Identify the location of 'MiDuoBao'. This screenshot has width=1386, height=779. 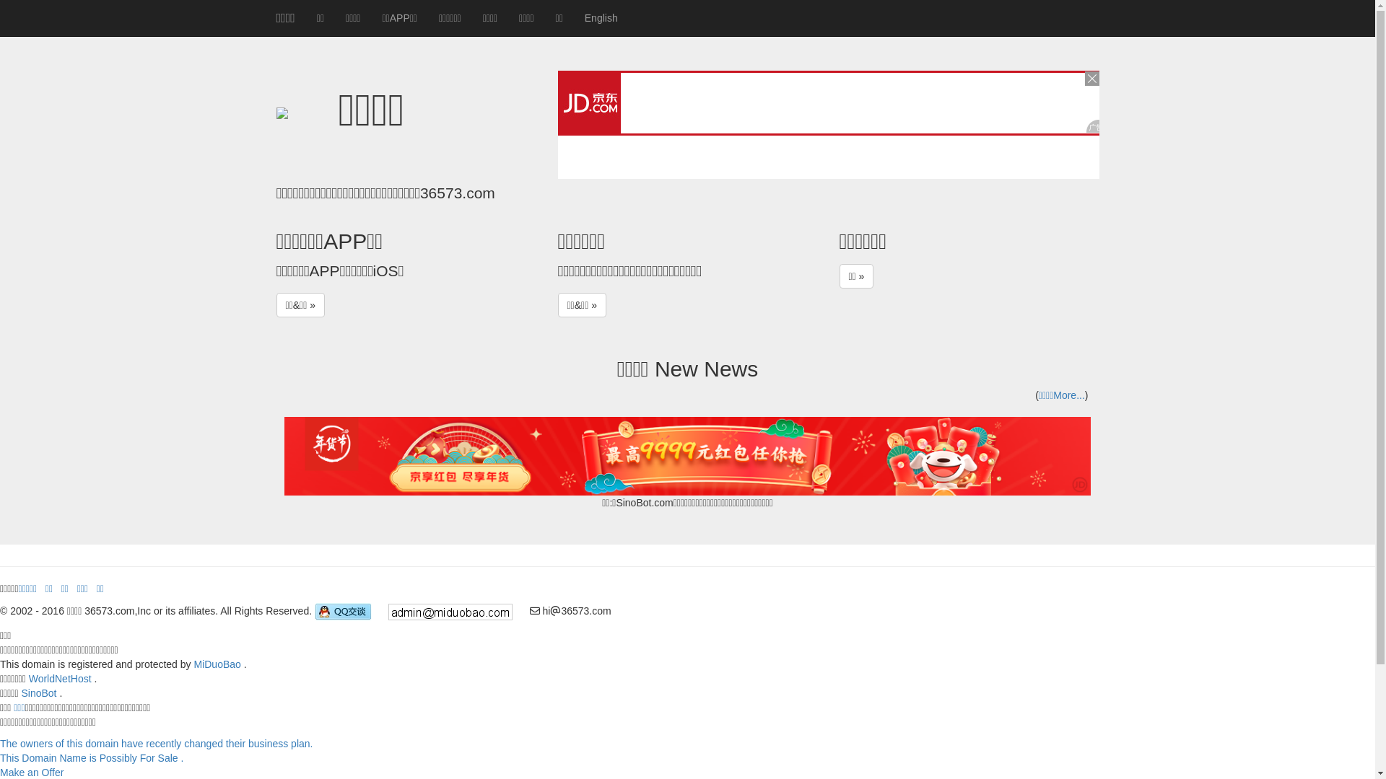
(216, 664).